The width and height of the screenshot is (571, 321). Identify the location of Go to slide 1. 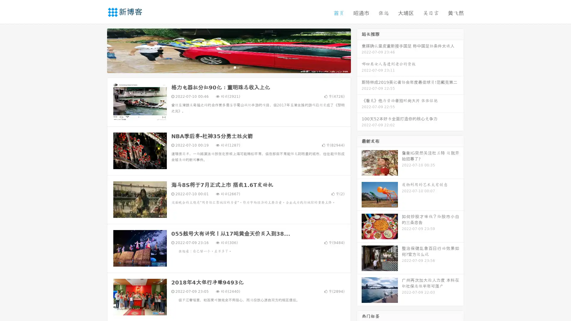
(222, 67).